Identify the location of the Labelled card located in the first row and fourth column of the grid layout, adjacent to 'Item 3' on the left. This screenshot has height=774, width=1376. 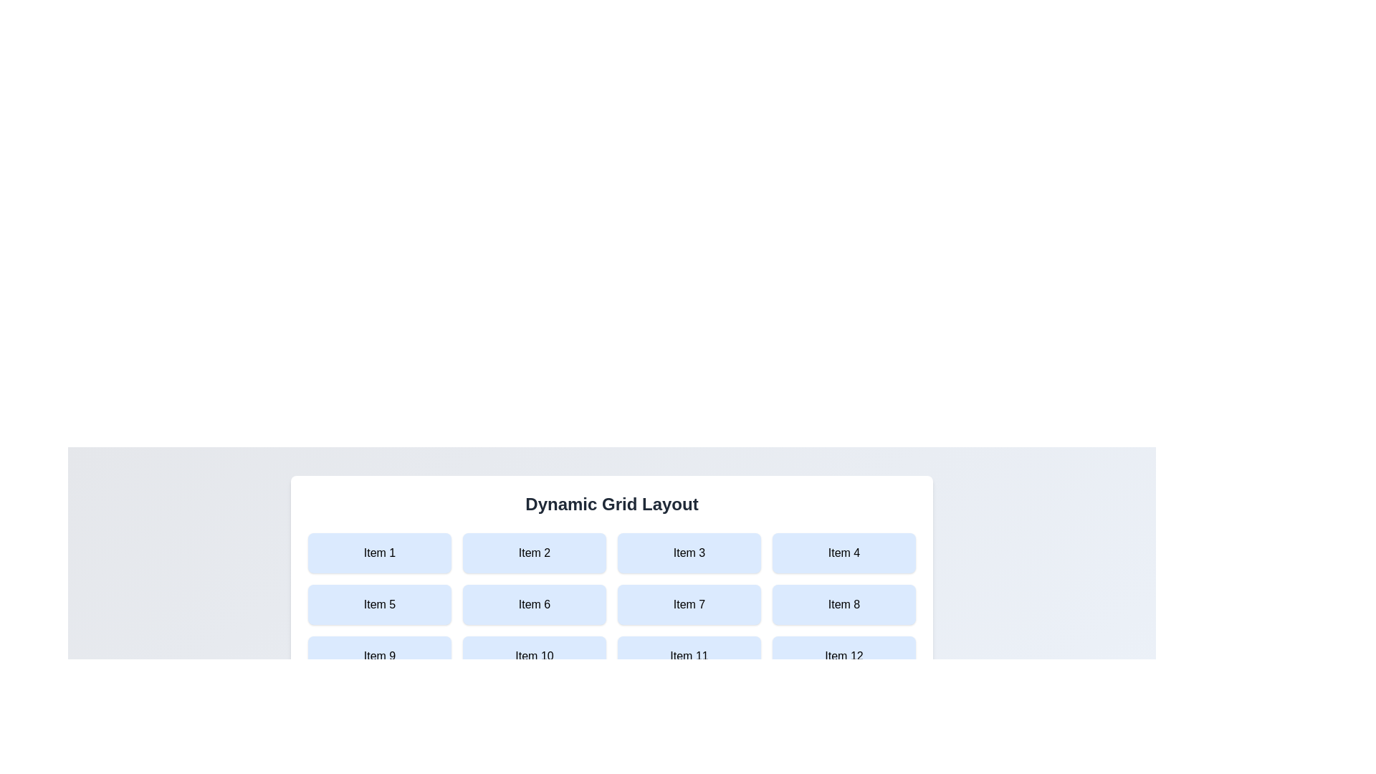
(844, 552).